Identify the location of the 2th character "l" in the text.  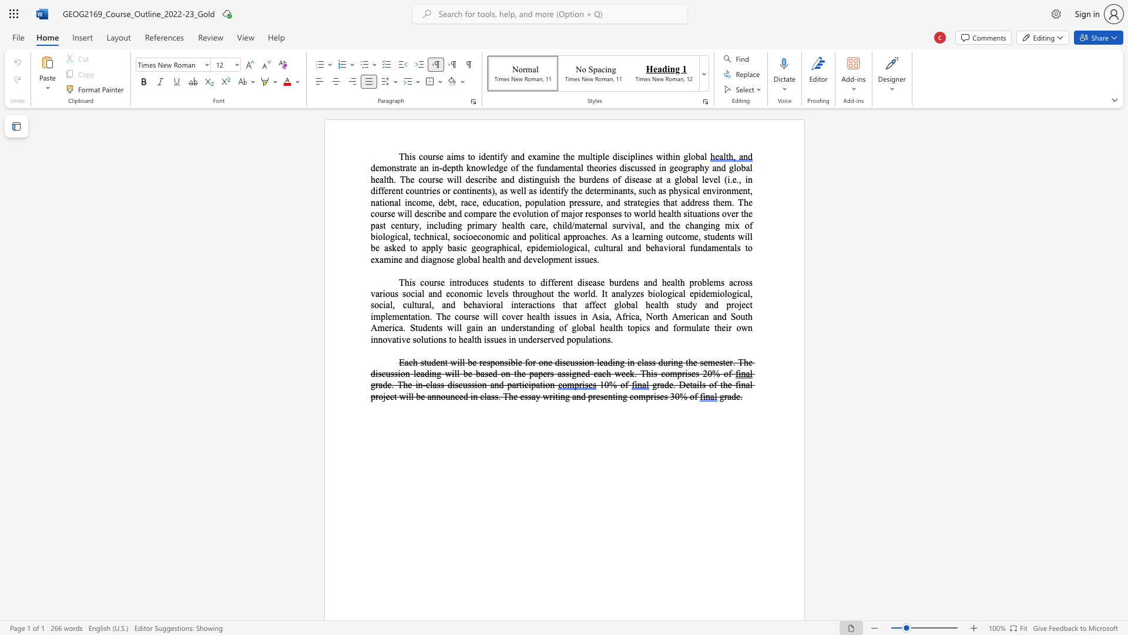
(750, 236).